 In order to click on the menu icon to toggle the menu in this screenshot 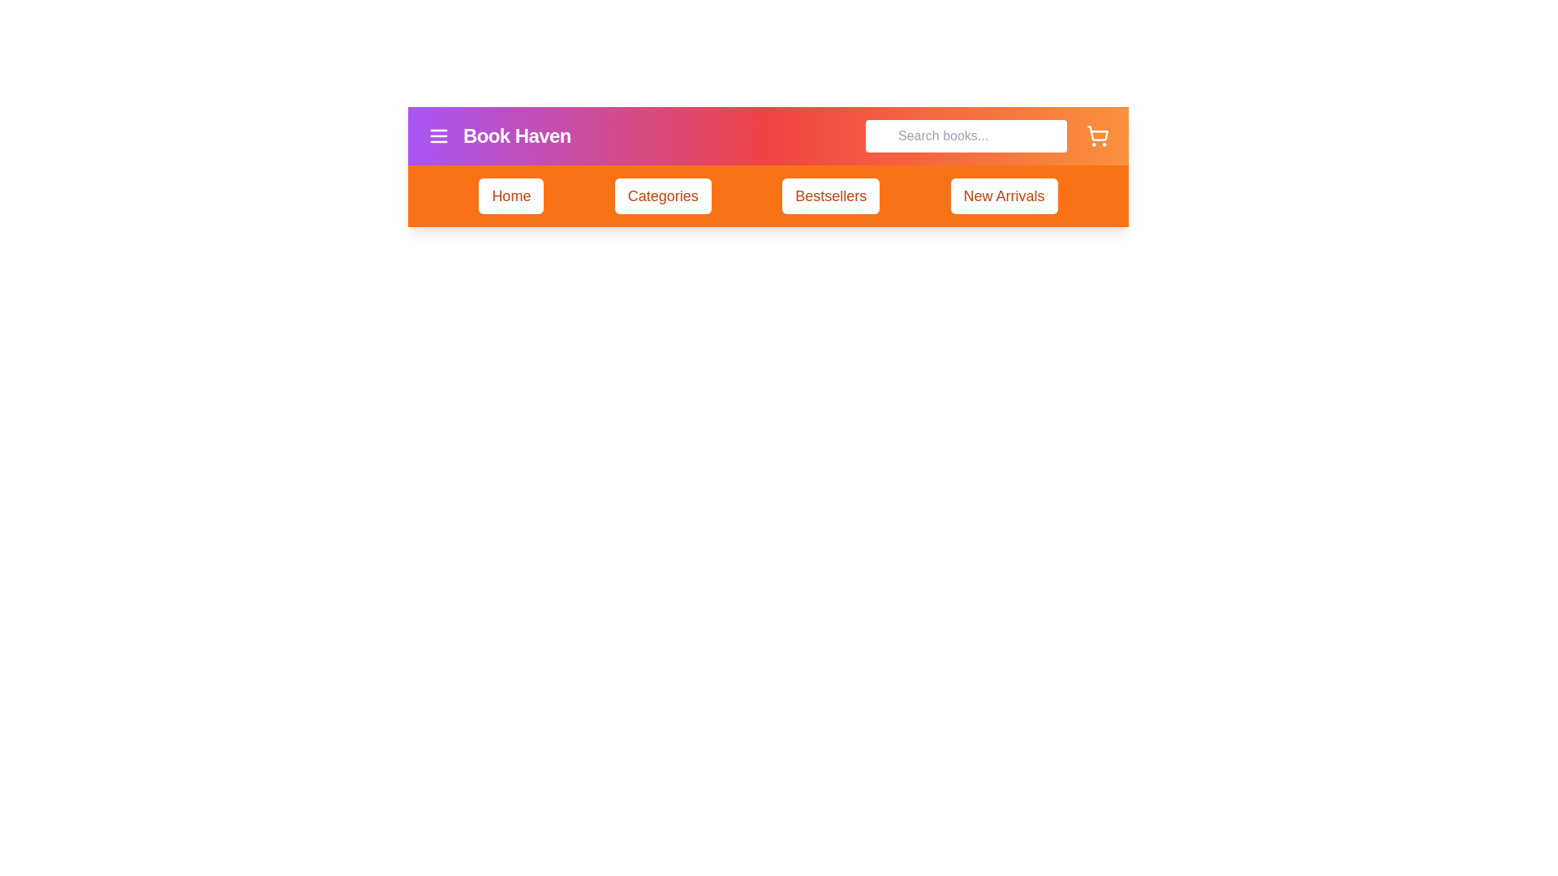, I will do `click(439, 135)`.